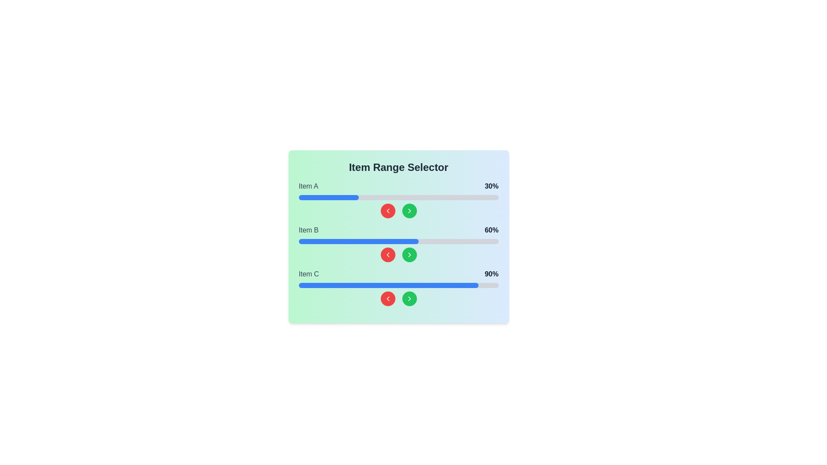  What do you see at coordinates (398, 241) in the screenshot?
I see `the progress bar indicating 60% completion for 'Item B', which is located below the 'Item B' label and above navigation buttons` at bounding box center [398, 241].